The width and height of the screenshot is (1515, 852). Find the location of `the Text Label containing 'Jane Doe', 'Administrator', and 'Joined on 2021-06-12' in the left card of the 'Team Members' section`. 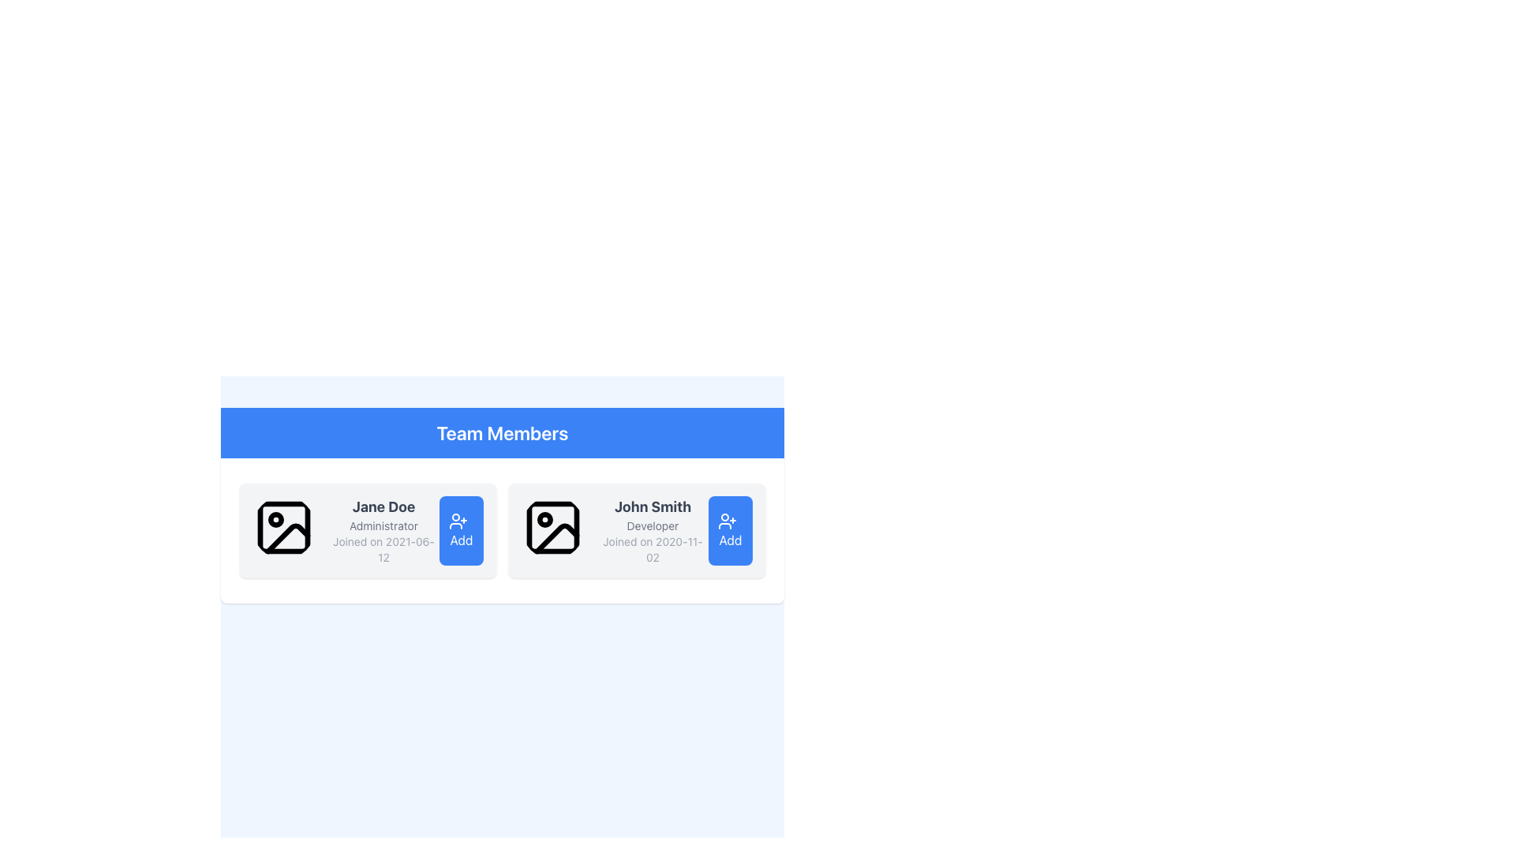

the Text Label containing 'Jane Doe', 'Administrator', and 'Joined on 2021-06-12' in the left card of the 'Team Members' section is located at coordinates (383, 530).